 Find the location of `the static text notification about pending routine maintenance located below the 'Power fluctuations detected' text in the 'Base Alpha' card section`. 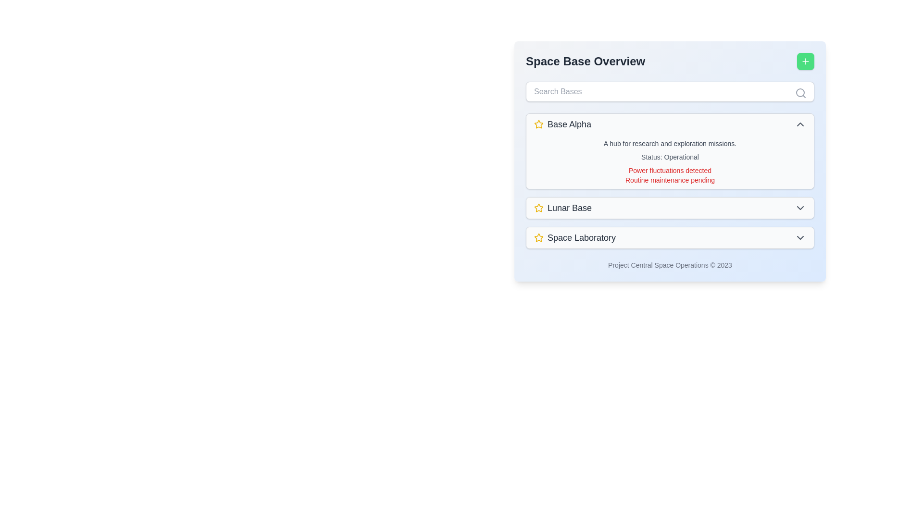

the static text notification about pending routine maintenance located below the 'Power fluctuations detected' text in the 'Base Alpha' card section is located at coordinates (669, 180).